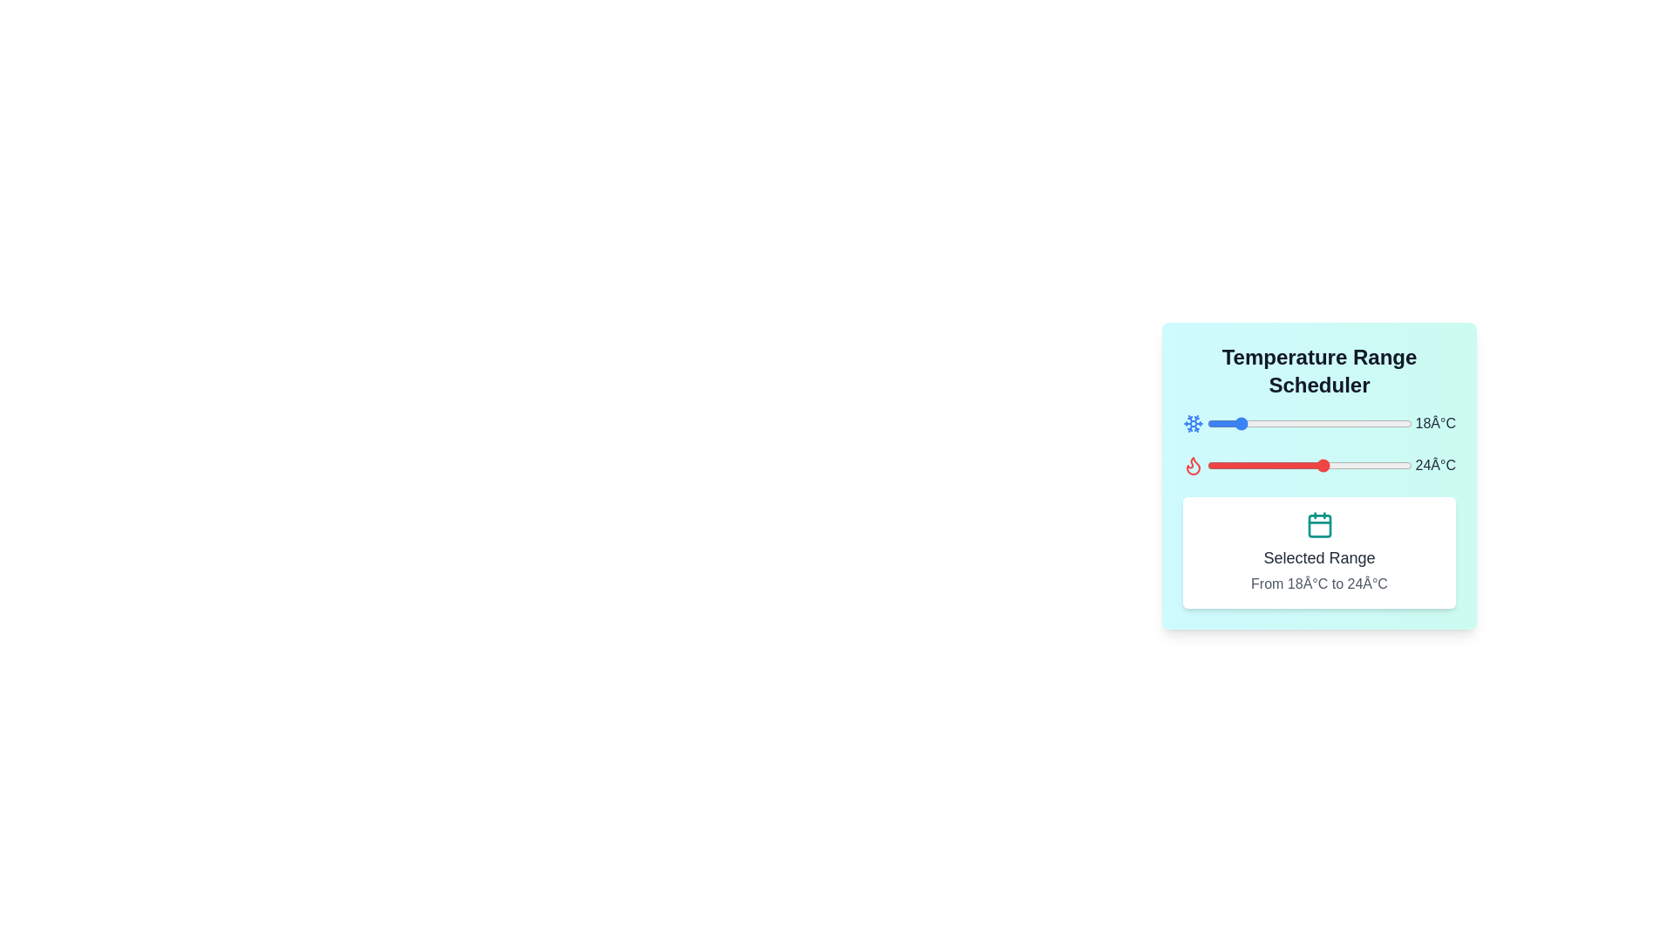 This screenshot has width=1674, height=942. I want to click on value displayed in the static text label showing '18°C', which is styled in gray color and located near the upper-right side of the temperature range slider interface, so click(1435, 424).